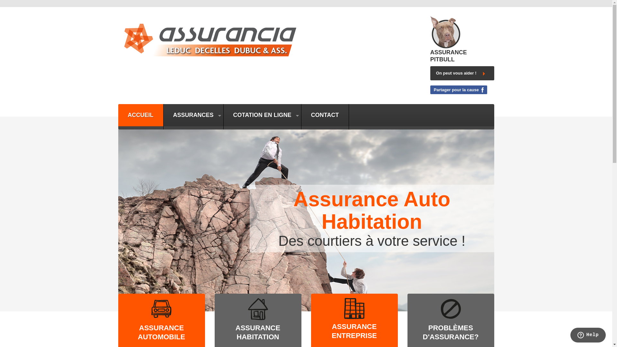 This screenshot has height=347, width=617. Describe the element at coordinates (118, 115) in the screenshot. I see `'ACCUEIL'` at that location.